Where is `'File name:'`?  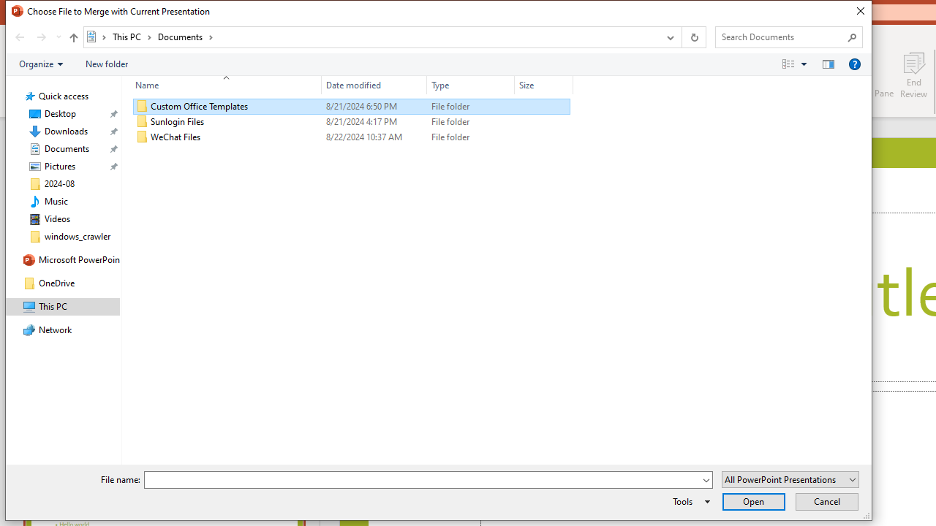 'File name:' is located at coordinates (421, 480).